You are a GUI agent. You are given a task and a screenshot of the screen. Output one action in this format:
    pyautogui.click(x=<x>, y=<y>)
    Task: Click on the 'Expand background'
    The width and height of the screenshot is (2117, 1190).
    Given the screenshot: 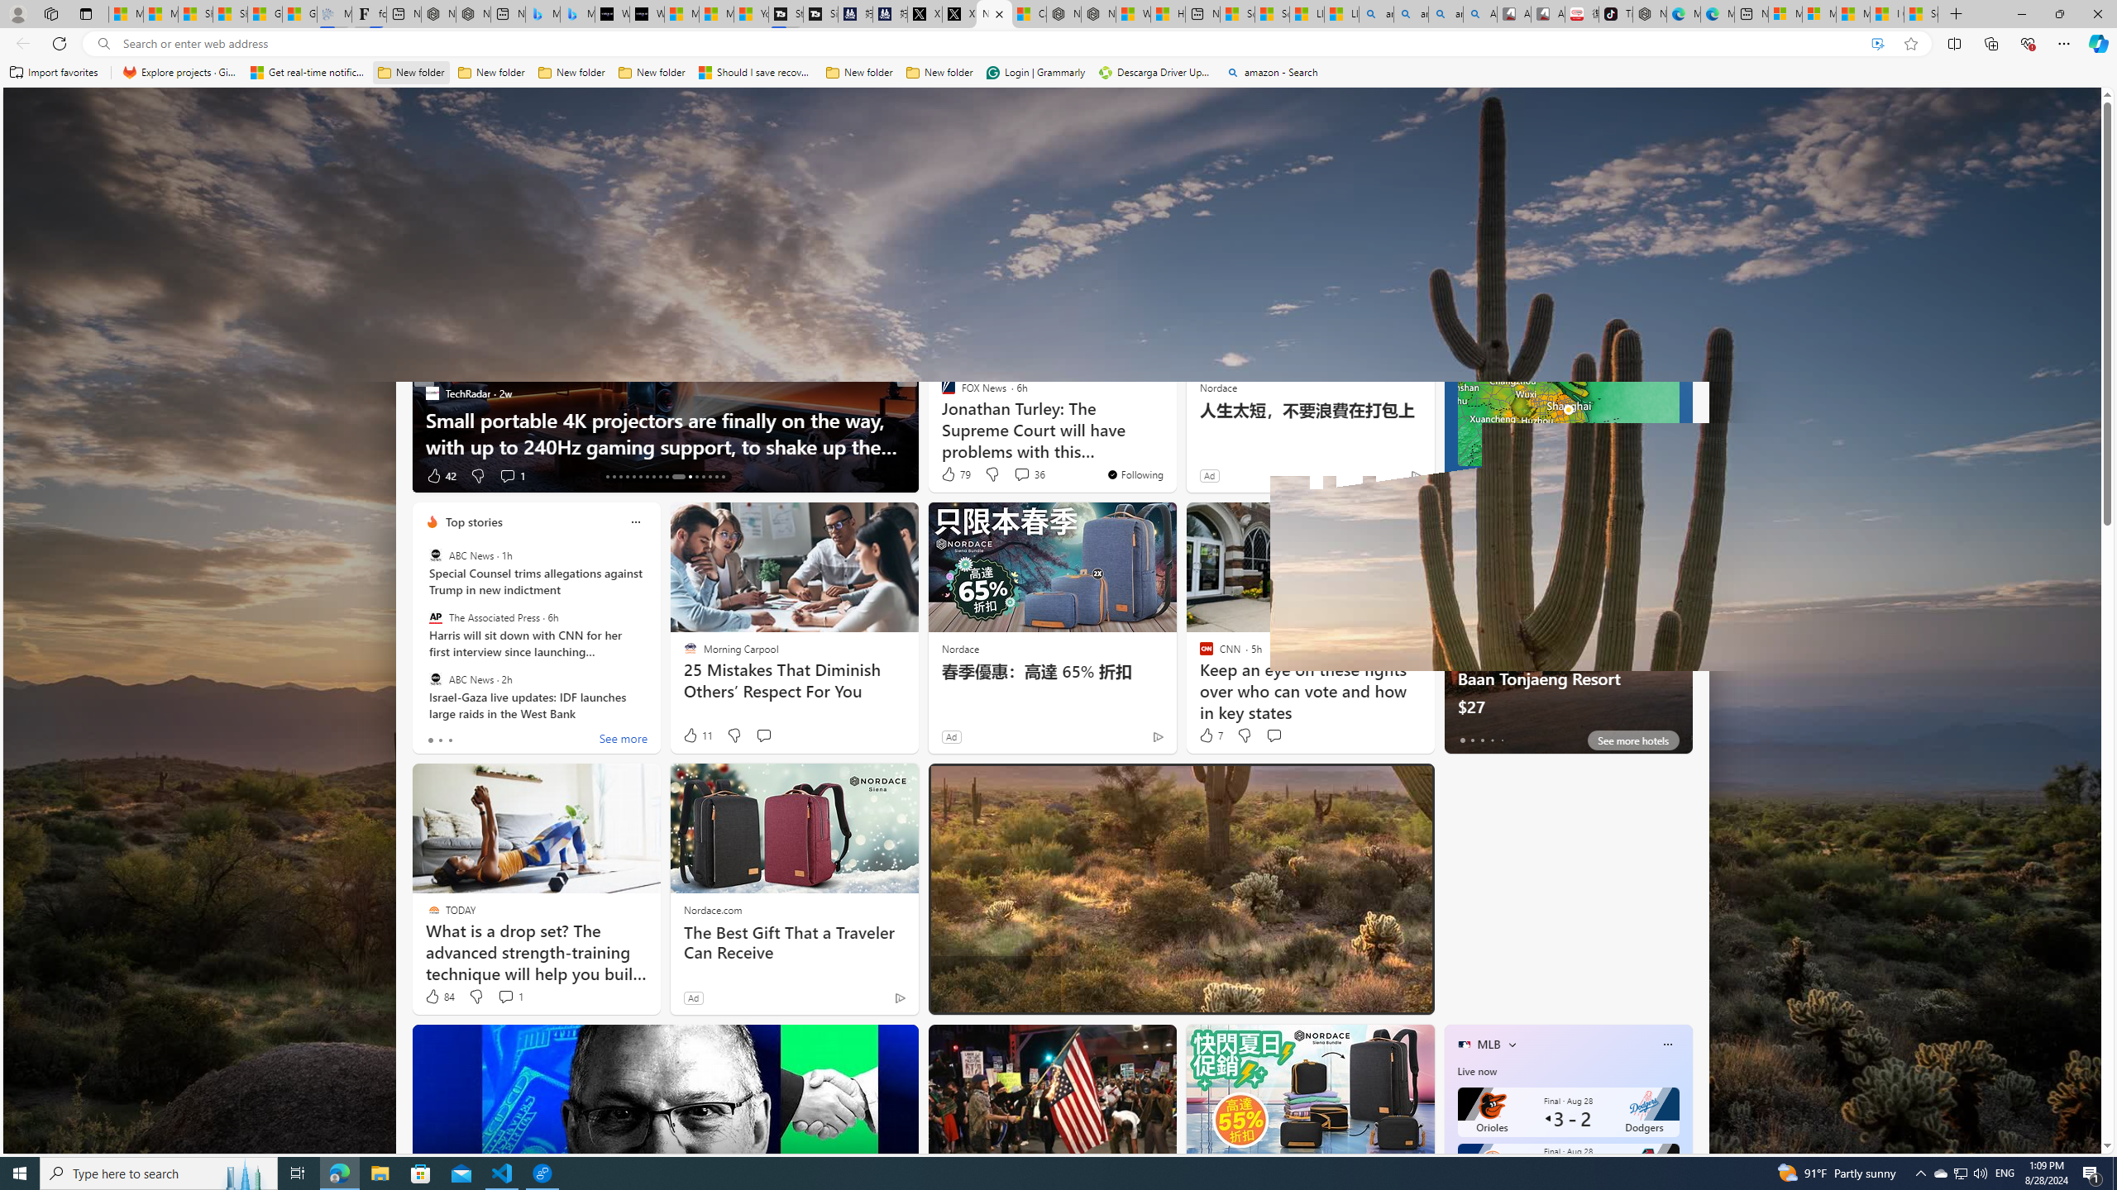 What is the action you would take?
    pyautogui.click(x=2080, y=1099)
    